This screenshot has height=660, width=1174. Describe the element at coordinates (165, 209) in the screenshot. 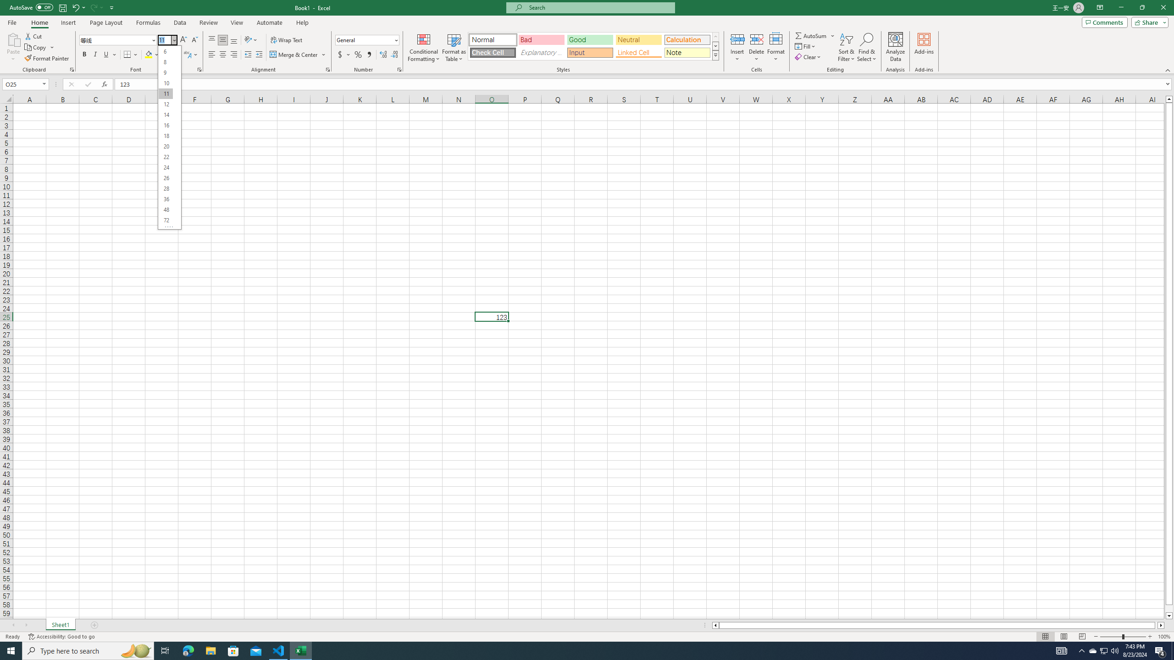

I see `'48'` at that location.